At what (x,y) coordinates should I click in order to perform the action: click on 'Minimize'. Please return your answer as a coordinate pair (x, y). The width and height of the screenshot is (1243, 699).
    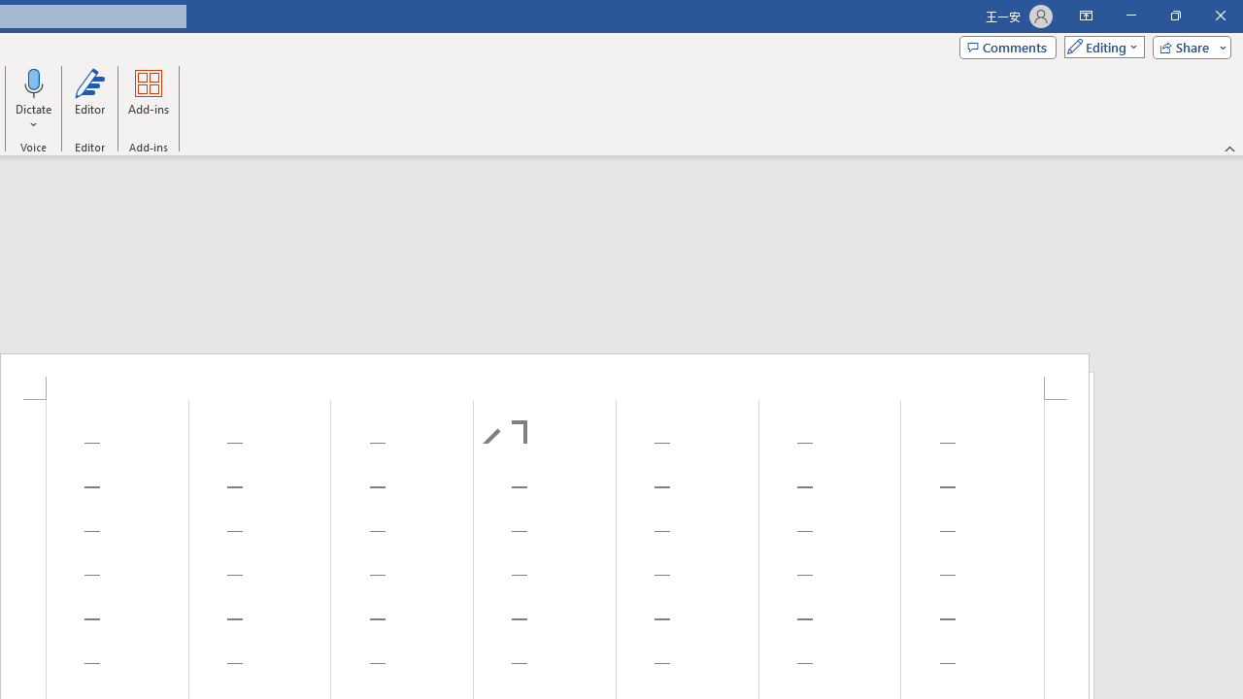
    Looking at the image, I should click on (1130, 16).